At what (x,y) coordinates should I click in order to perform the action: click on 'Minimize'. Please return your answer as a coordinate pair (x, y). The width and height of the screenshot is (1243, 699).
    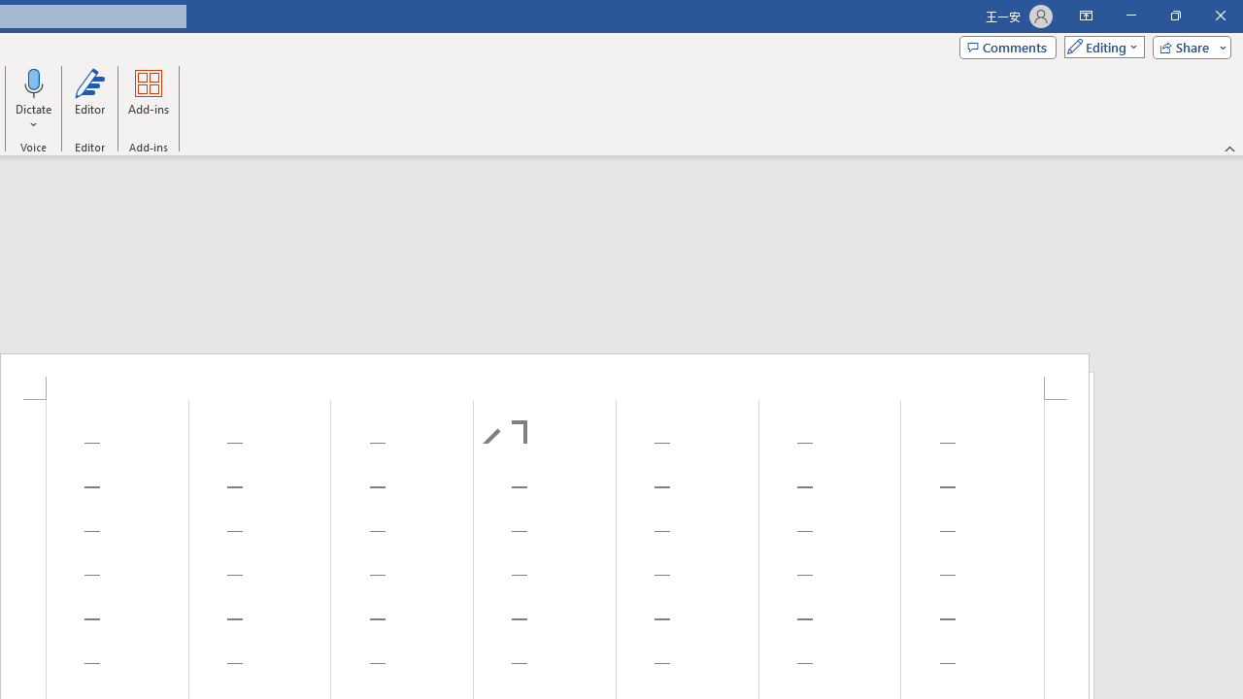
    Looking at the image, I should click on (1130, 16).